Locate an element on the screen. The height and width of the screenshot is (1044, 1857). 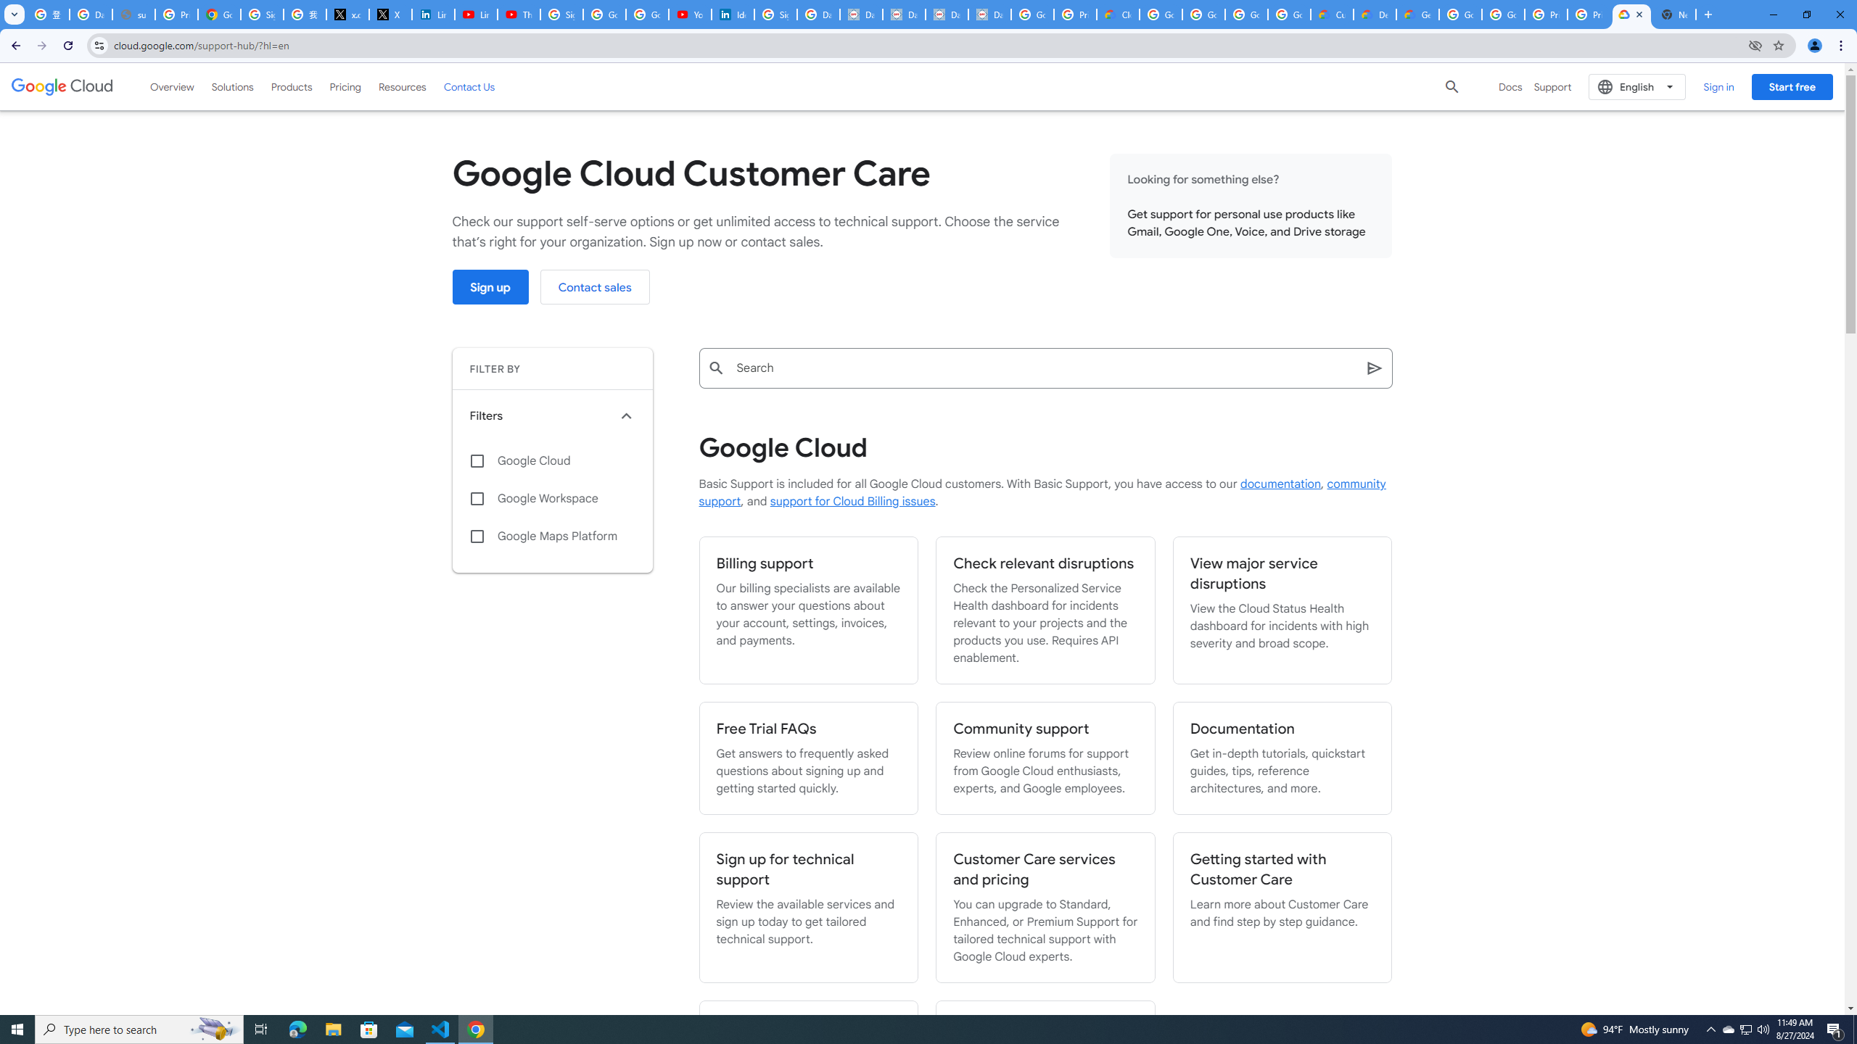
'Support Hub | Google Cloud' is located at coordinates (1632, 14).